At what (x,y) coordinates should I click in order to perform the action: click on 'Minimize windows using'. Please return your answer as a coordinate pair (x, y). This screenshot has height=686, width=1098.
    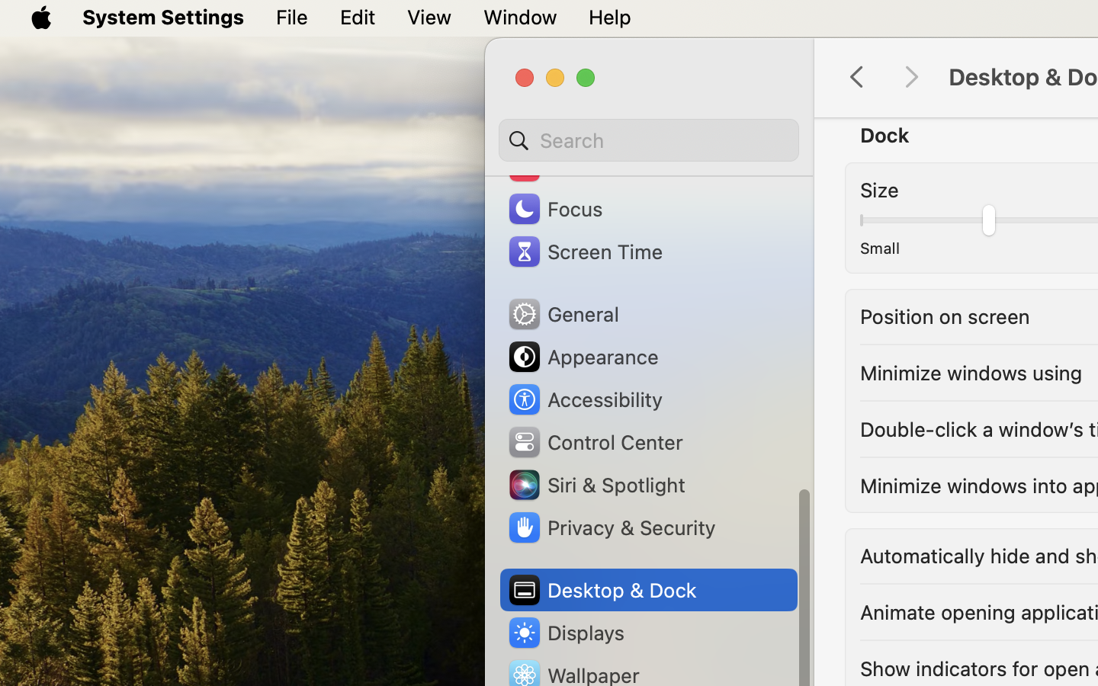
    Looking at the image, I should click on (971, 370).